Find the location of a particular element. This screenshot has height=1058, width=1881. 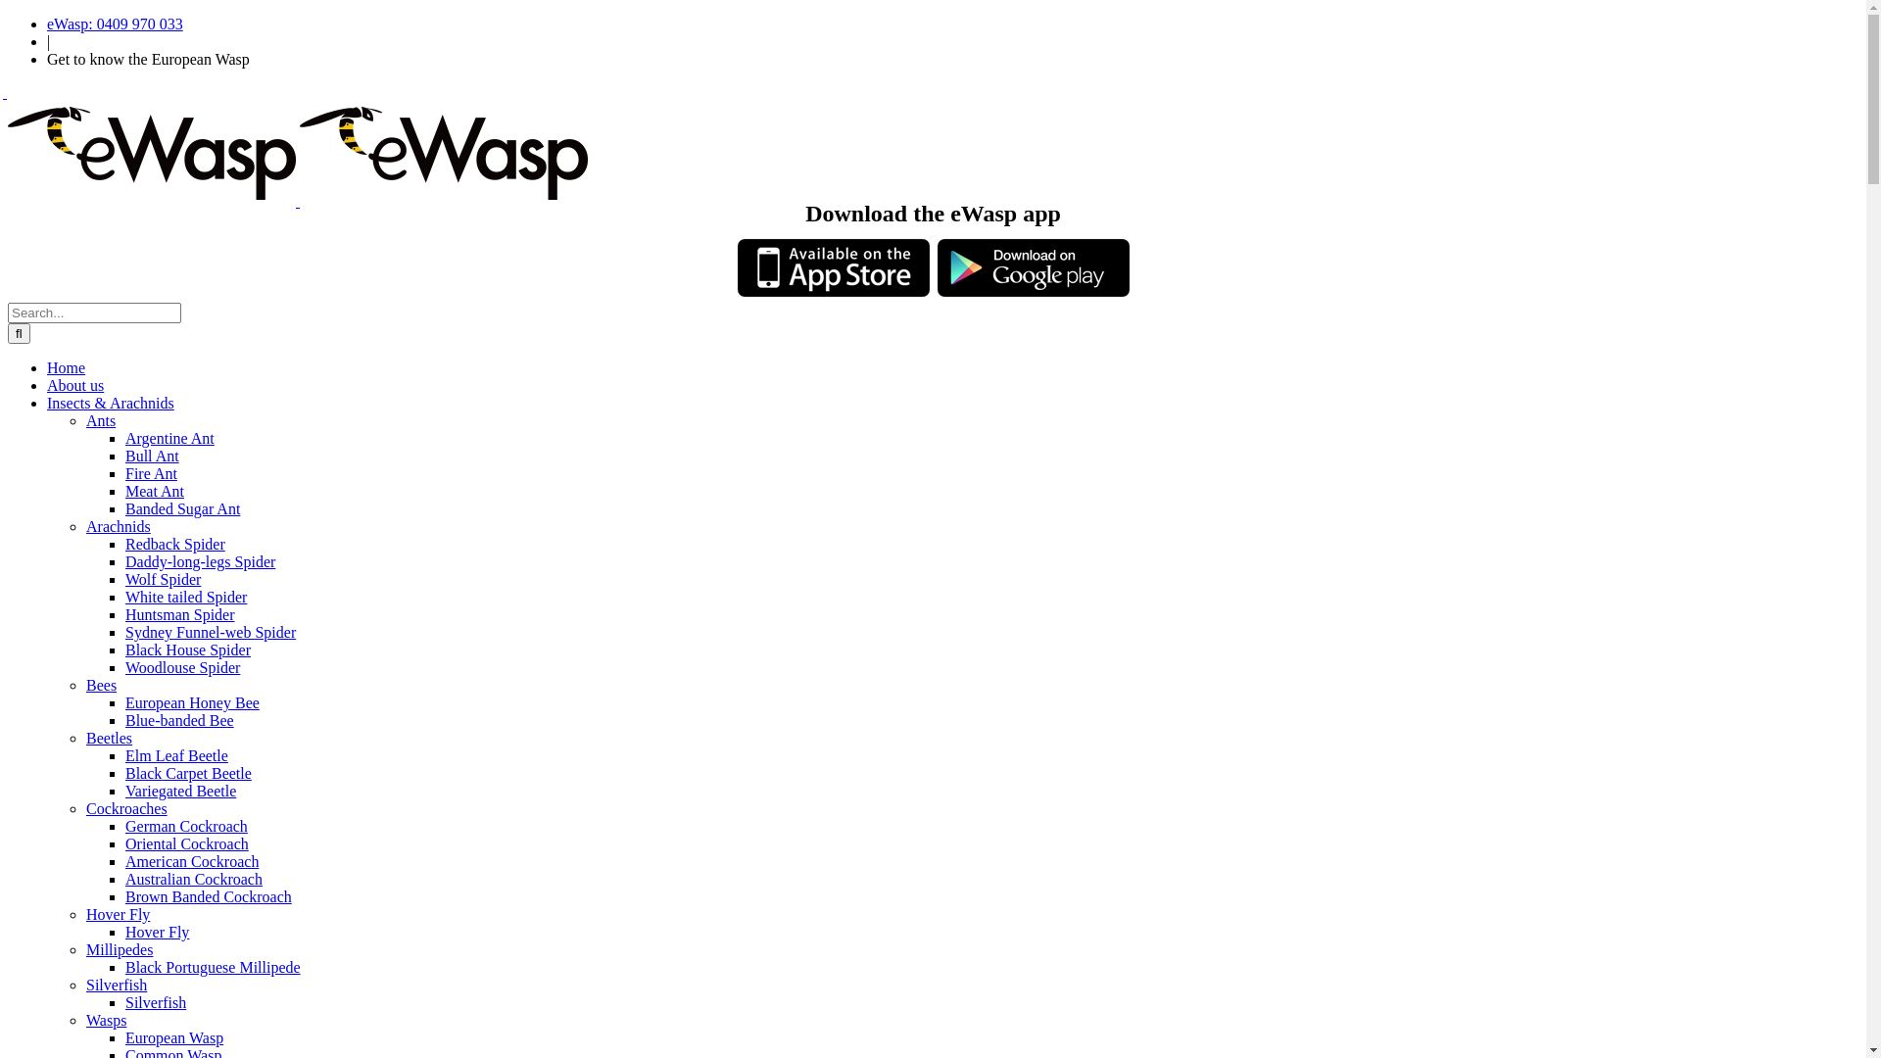

'|' is located at coordinates (48, 41).